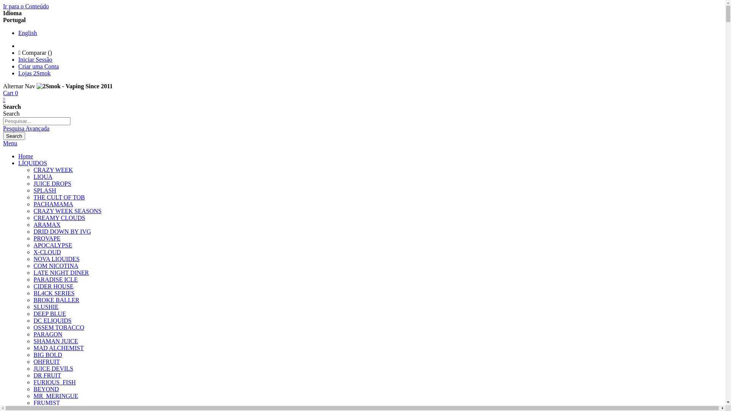  I want to click on 'LATE NIGHT DINER', so click(61, 272).